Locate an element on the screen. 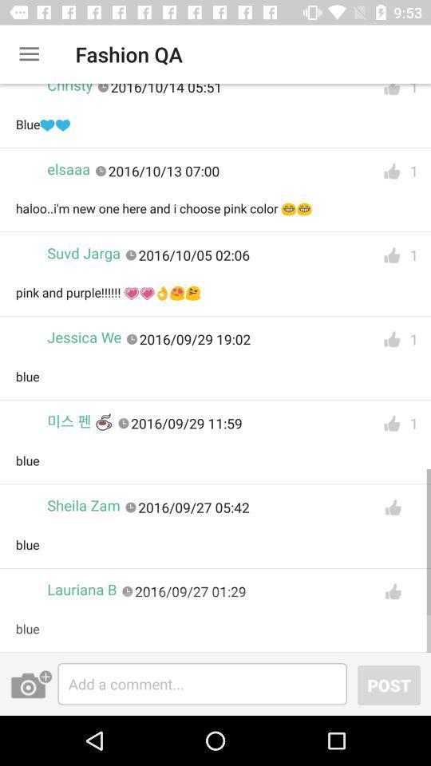 This screenshot has height=766, width=431. the sheila zam item is located at coordinates (83, 504).